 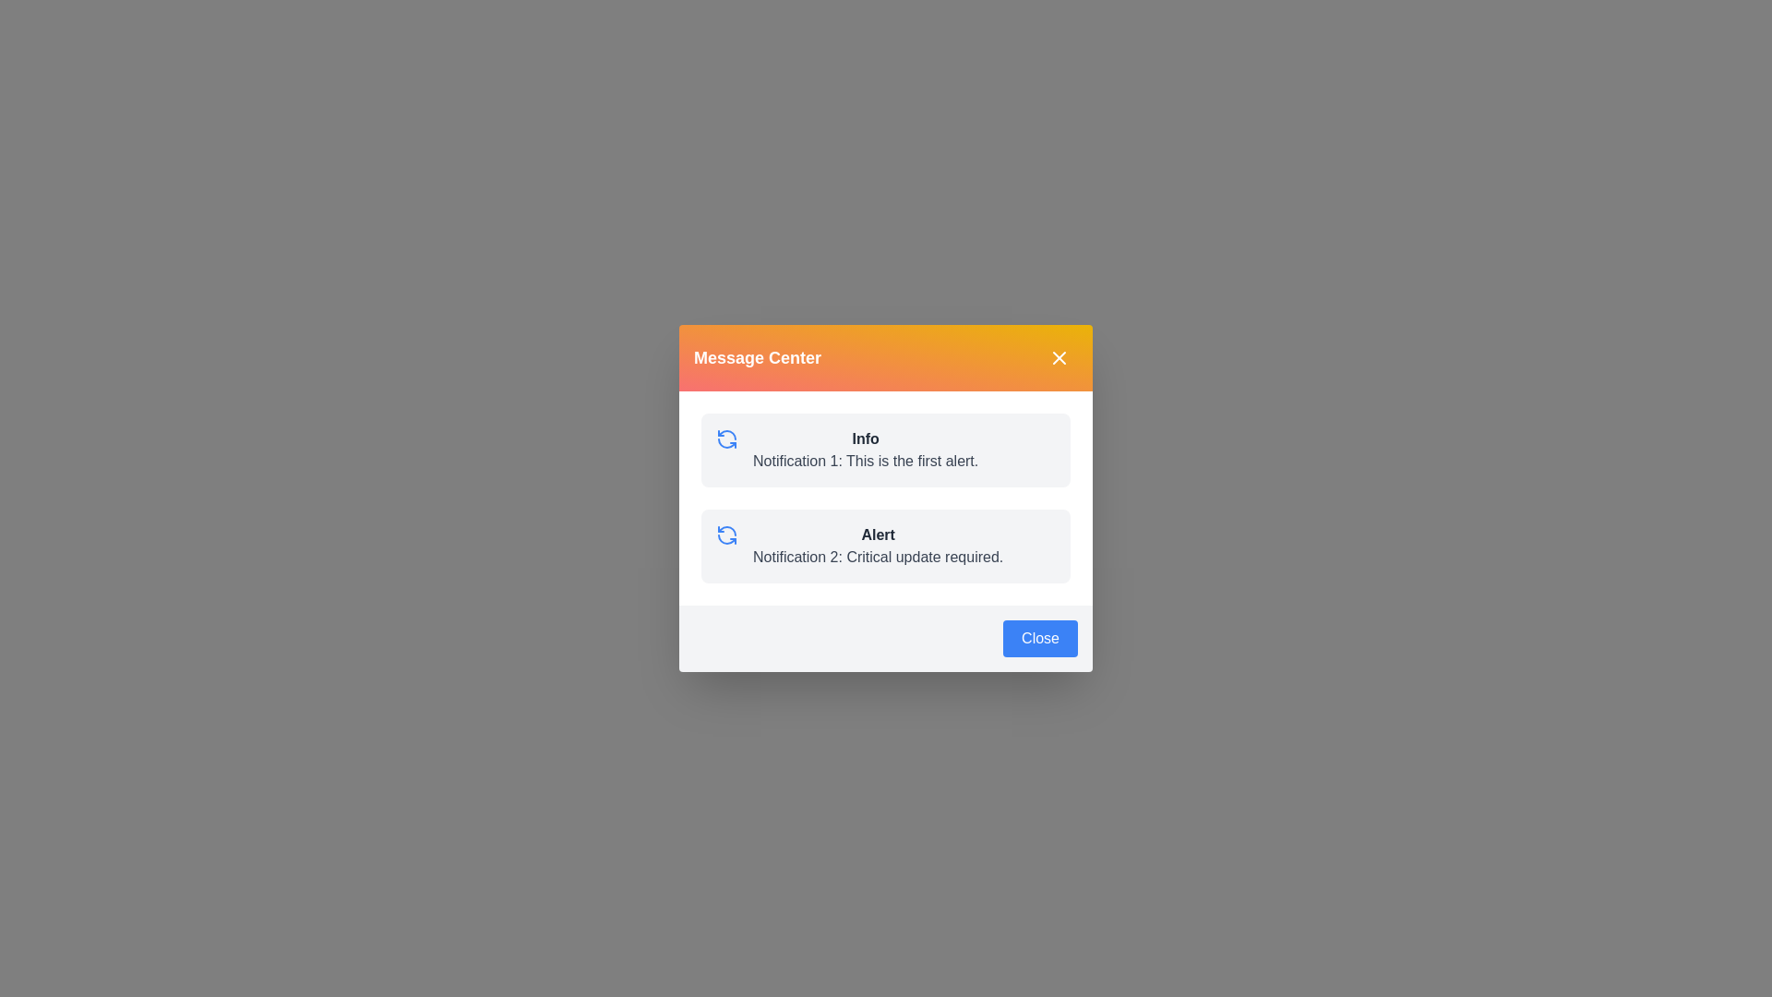 What do you see at coordinates (1059, 358) in the screenshot?
I see `the 'X' button in the header to close the dialog` at bounding box center [1059, 358].